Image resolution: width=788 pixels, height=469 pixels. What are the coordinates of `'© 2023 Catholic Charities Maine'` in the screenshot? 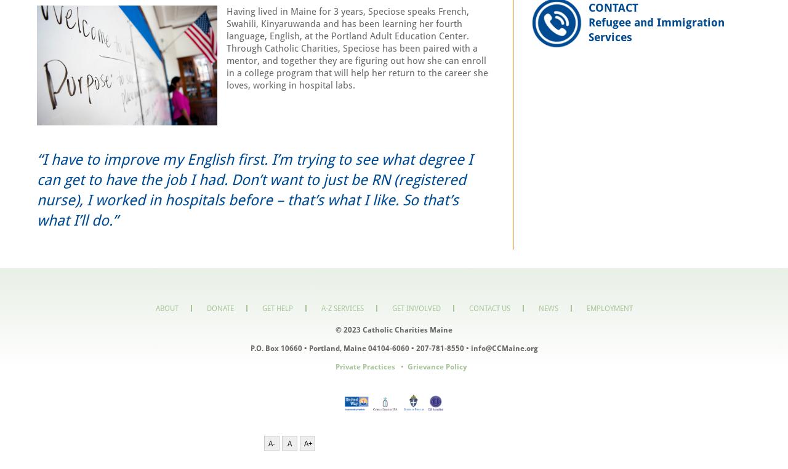 It's located at (394, 329).